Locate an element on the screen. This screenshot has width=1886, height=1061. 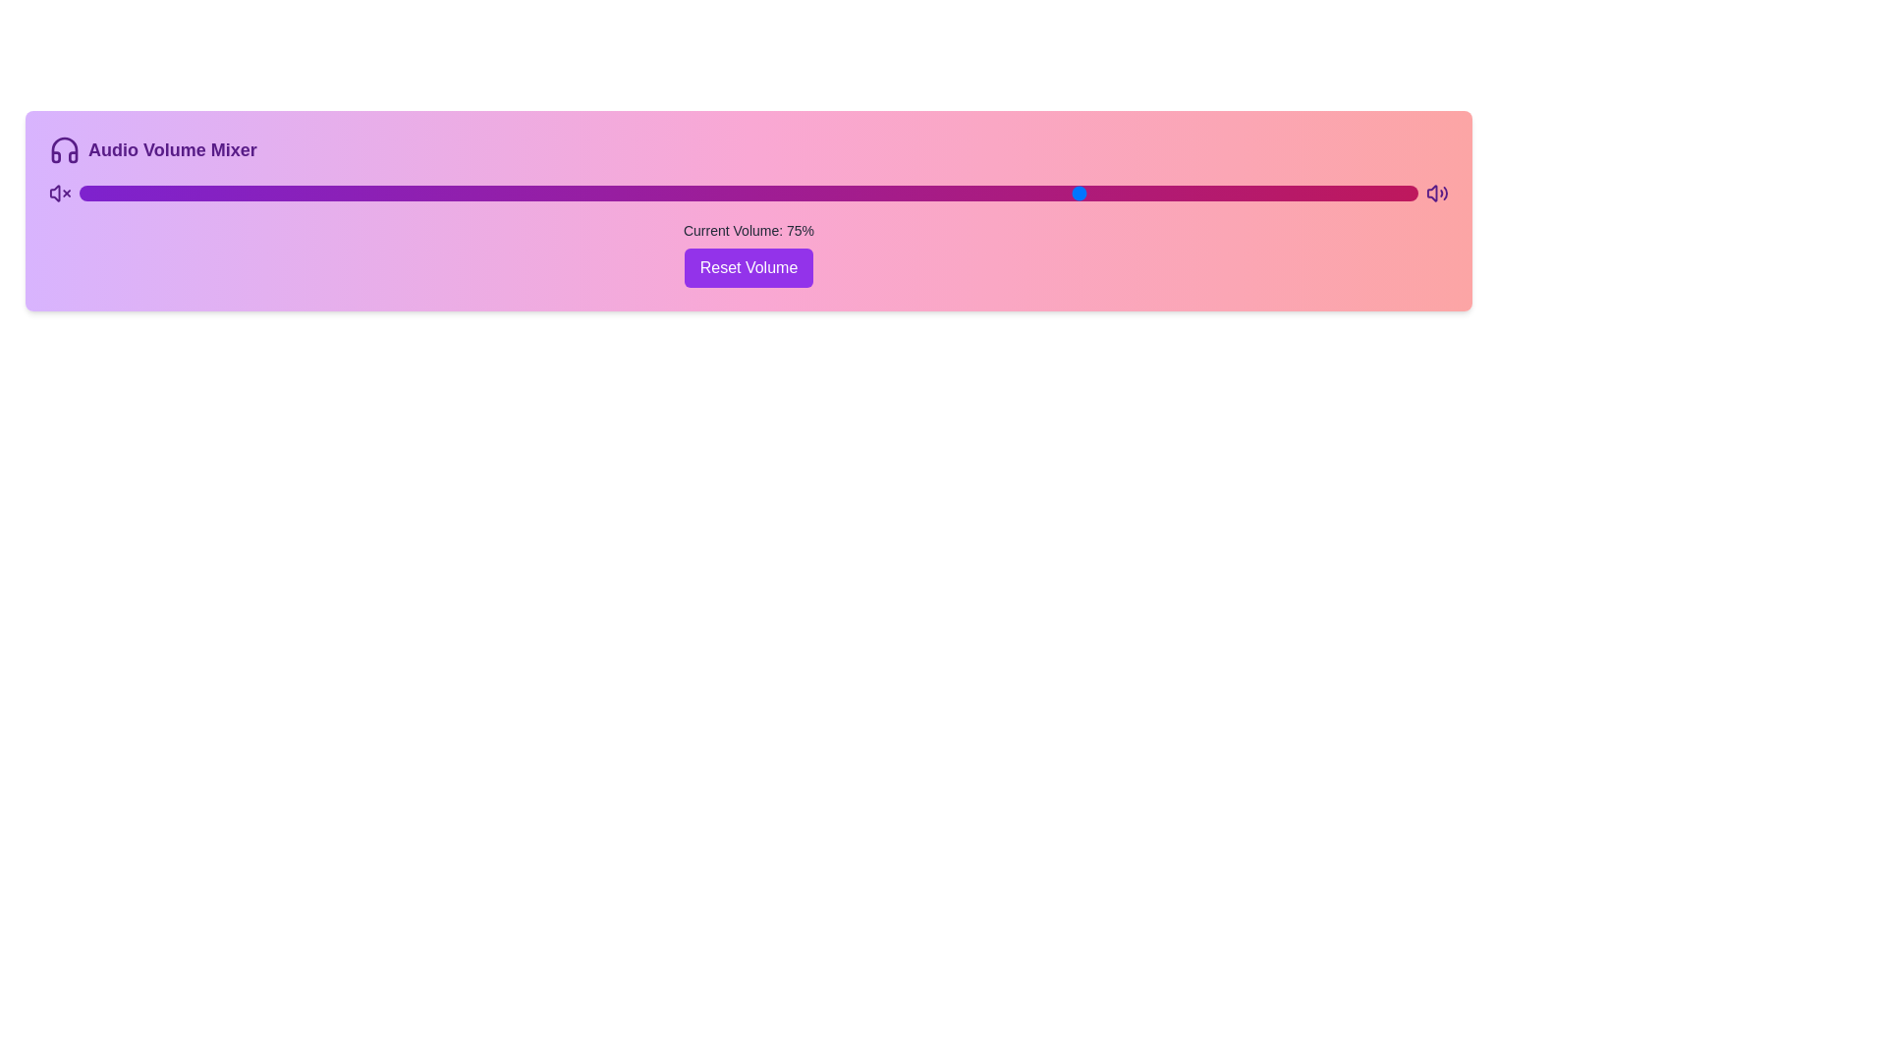
the volume slider to 93% is located at coordinates (1324, 193).